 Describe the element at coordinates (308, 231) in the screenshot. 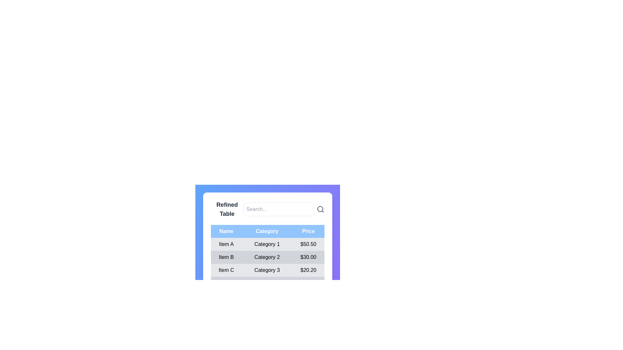

I see `the 'Price' label, which is a bold, white text on a blue background located in the top-right of the table header` at that location.